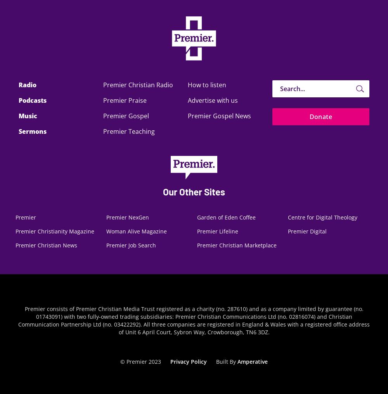 This screenshot has height=394, width=388. I want to click on 'Premier Gospel News', so click(218, 116).